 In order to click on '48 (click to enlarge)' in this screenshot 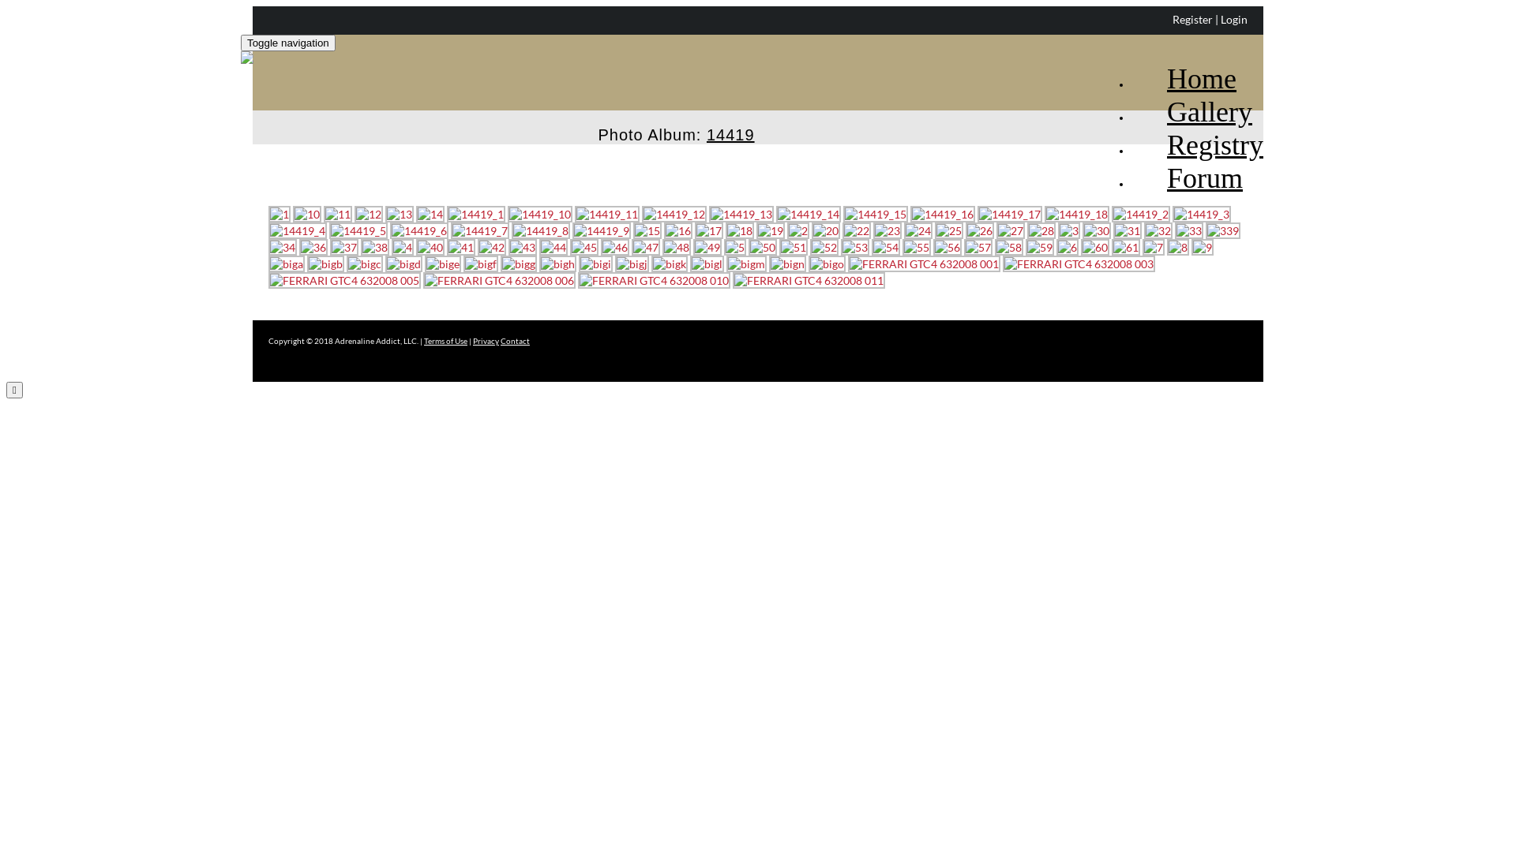, I will do `click(677, 247)`.